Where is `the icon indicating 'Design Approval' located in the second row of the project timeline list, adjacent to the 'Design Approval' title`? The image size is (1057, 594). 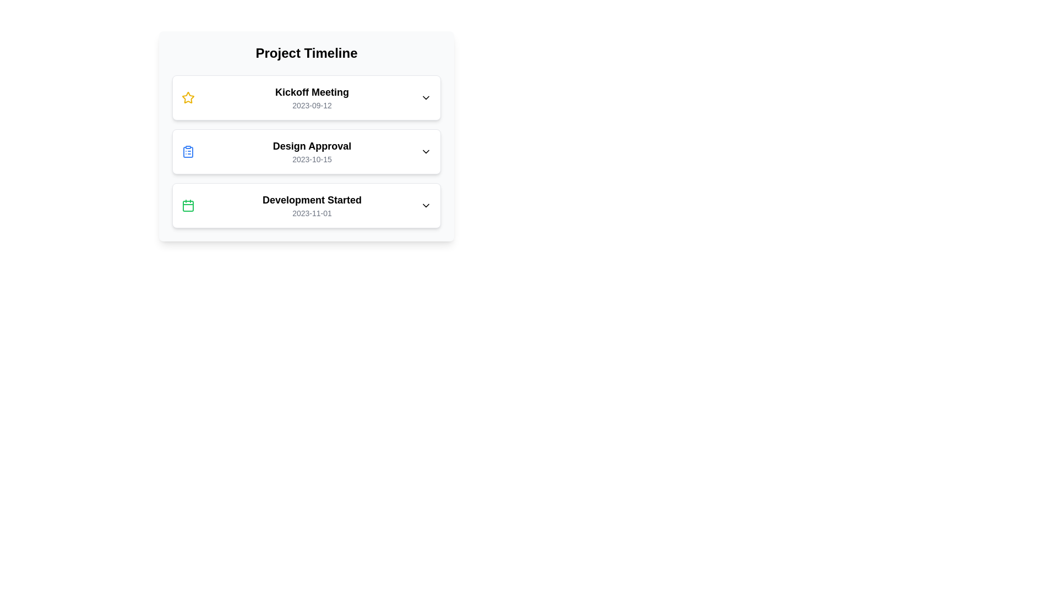 the icon indicating 'Design Approval' located in the second row of the project timeline list, adjacent to the 'Design Approval' title is located at coordinates (188, 152).